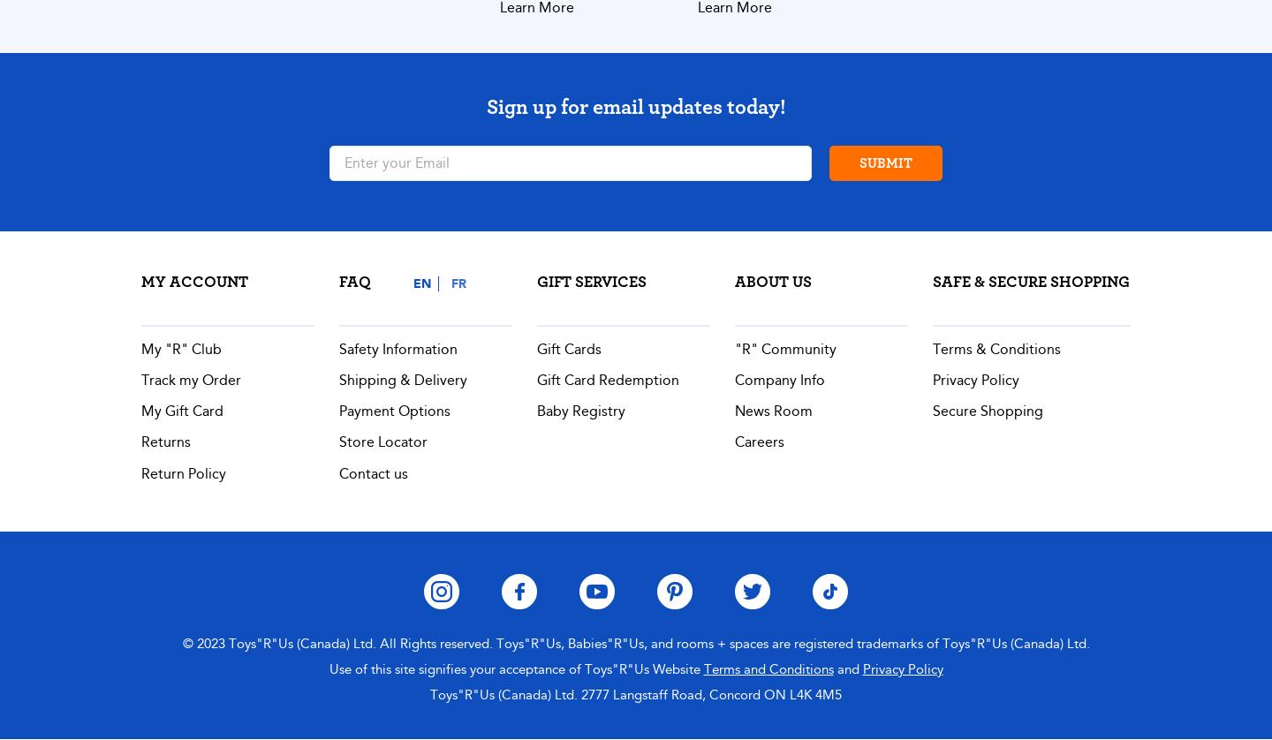 Image resolution: width=1272 pixels, height=740 pixels. What do you see at coordinates (1031, 281) in the screenshot?
I see `'Safe & Secure Shopping'` at bounding box center [1031, 281].